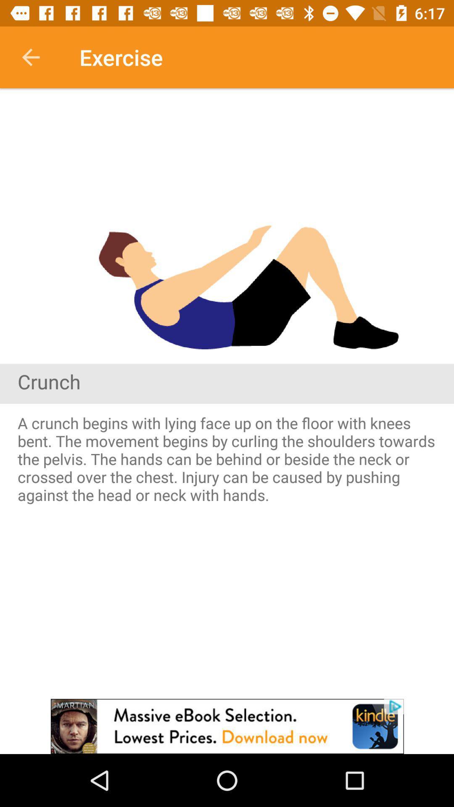  I want to click on advertisement, so click(227, 726).